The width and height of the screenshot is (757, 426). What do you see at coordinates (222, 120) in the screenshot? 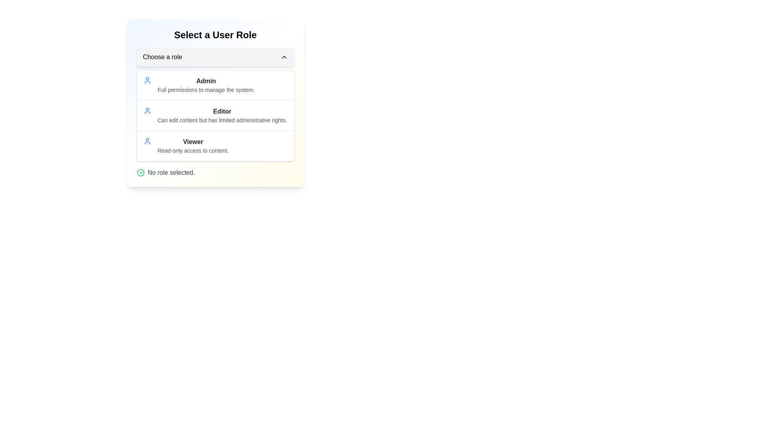
I see `the concise gray text indicating functionality or permissions located beneath the bolded 'Editor' label in the user role selection menu` at bounding box center [222, 120].